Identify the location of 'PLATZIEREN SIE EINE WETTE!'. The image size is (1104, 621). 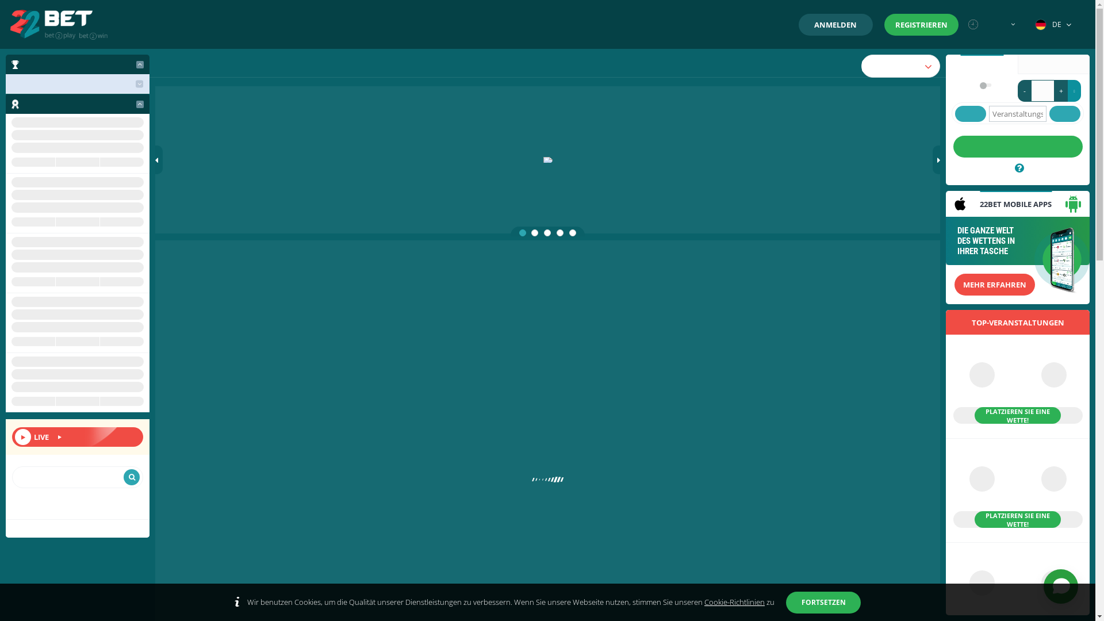
(1018, 386).